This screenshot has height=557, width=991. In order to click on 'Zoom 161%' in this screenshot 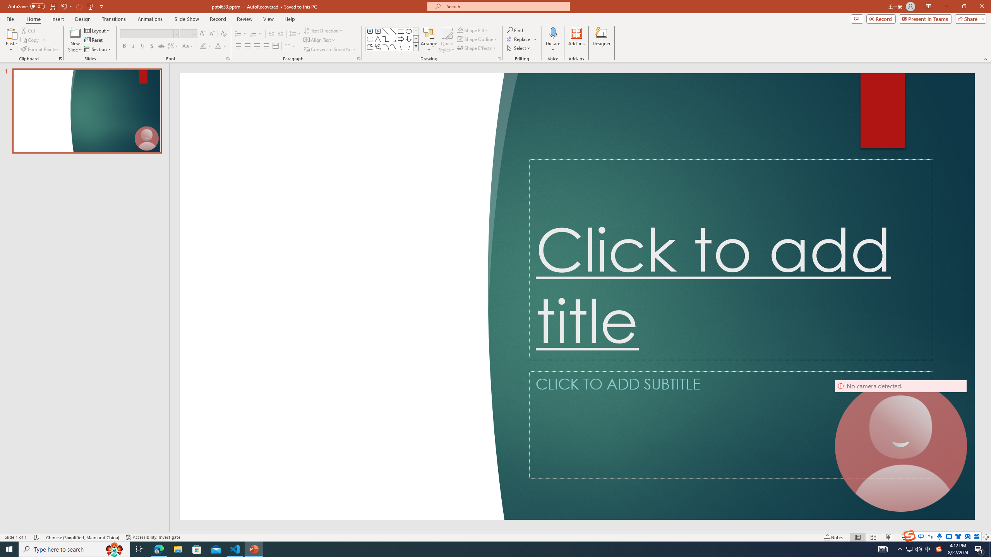, I will do `click(974, 537)`.